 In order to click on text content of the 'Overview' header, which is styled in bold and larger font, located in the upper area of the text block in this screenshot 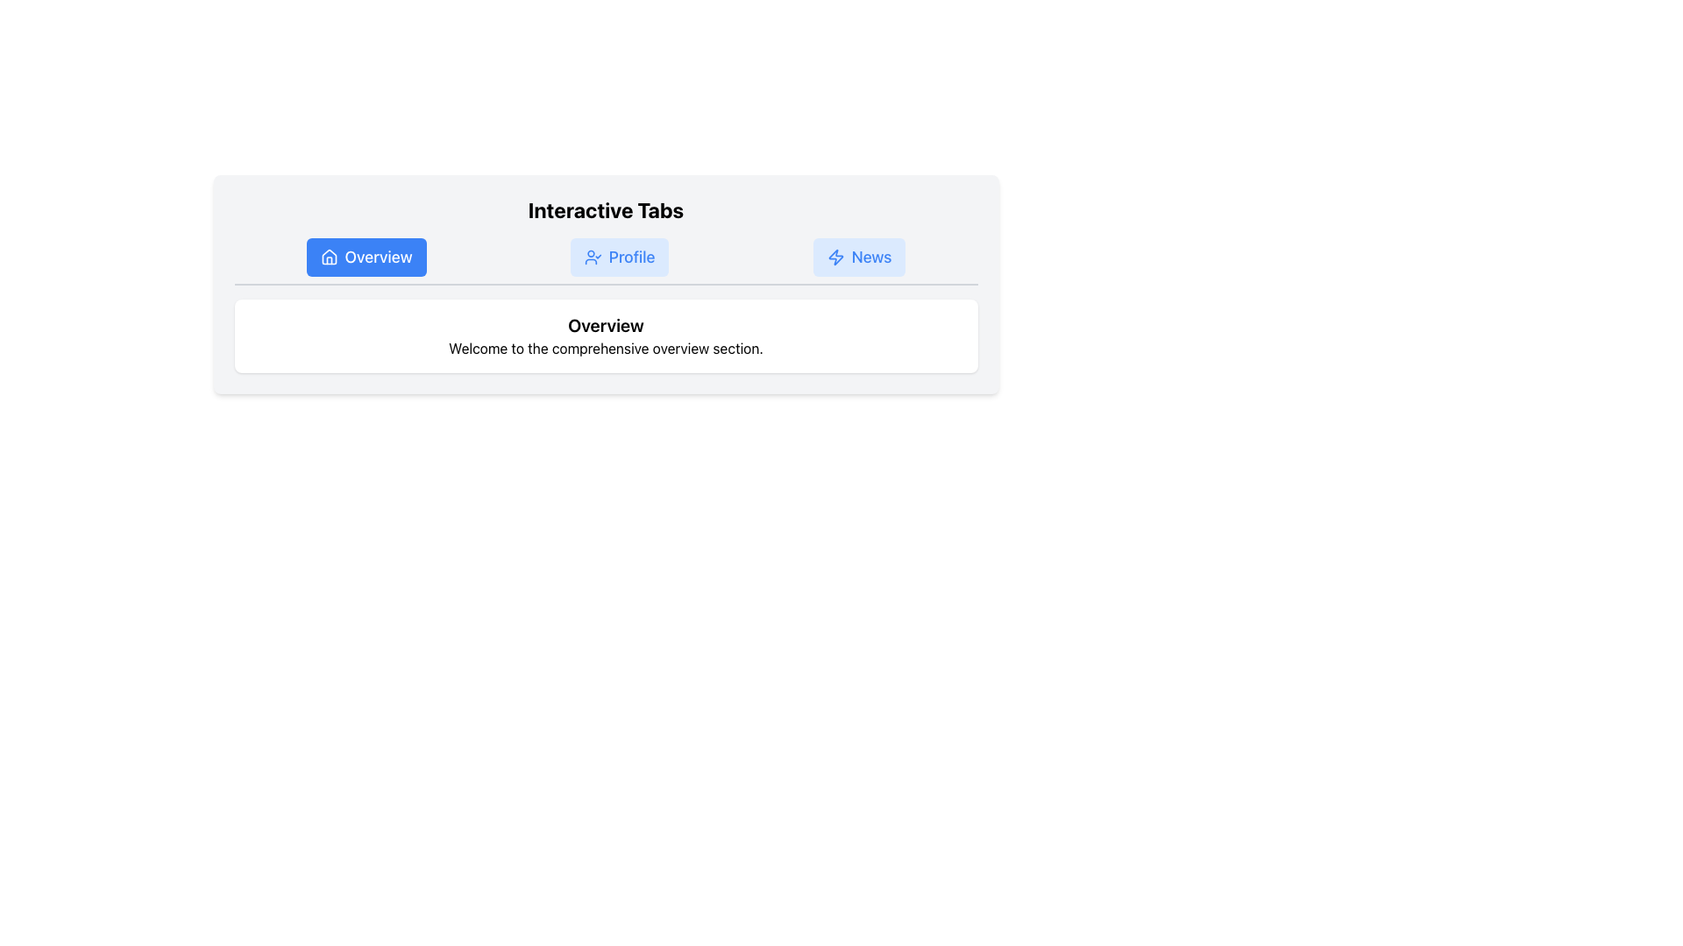, I will do `click(606, 325)`.